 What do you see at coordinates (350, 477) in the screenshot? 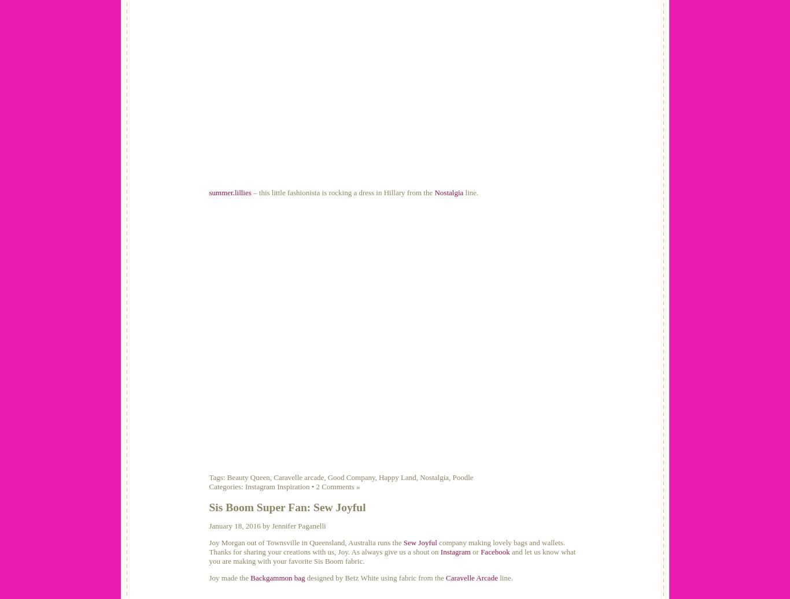
I see `'Good Company'` at bounding box center [350, 477].